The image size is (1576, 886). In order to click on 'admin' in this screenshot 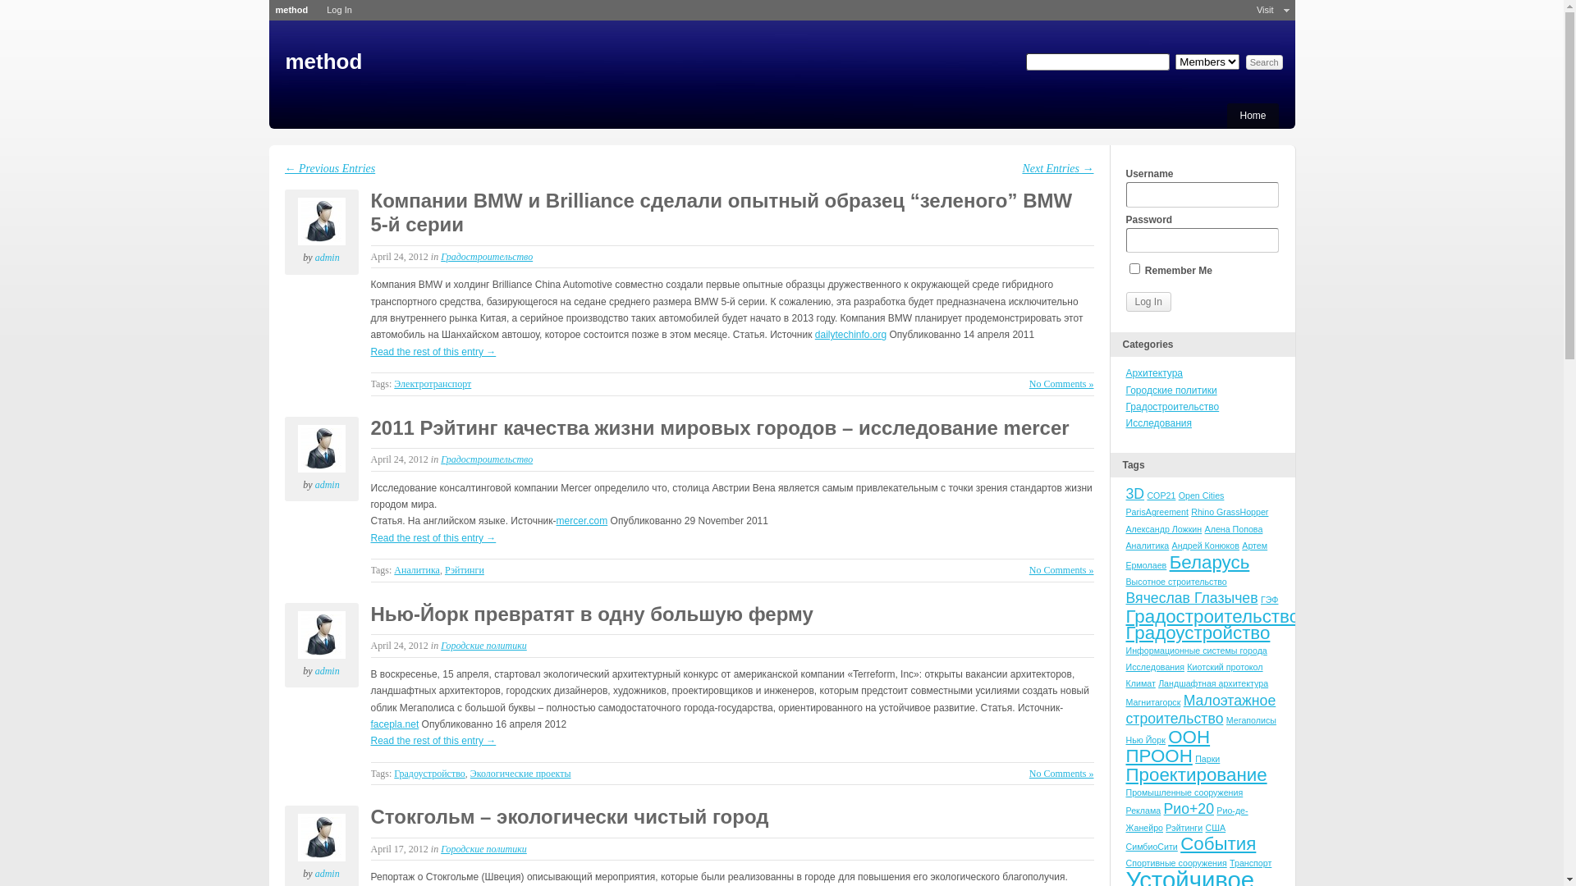, I will do `click(296, 221)`.